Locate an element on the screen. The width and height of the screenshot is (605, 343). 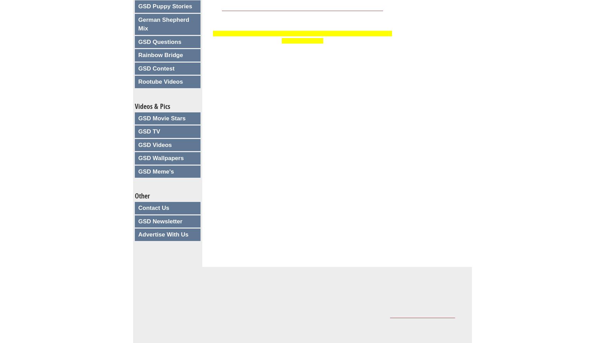
'Videos & Pics' is located at coordinates (152, 106).